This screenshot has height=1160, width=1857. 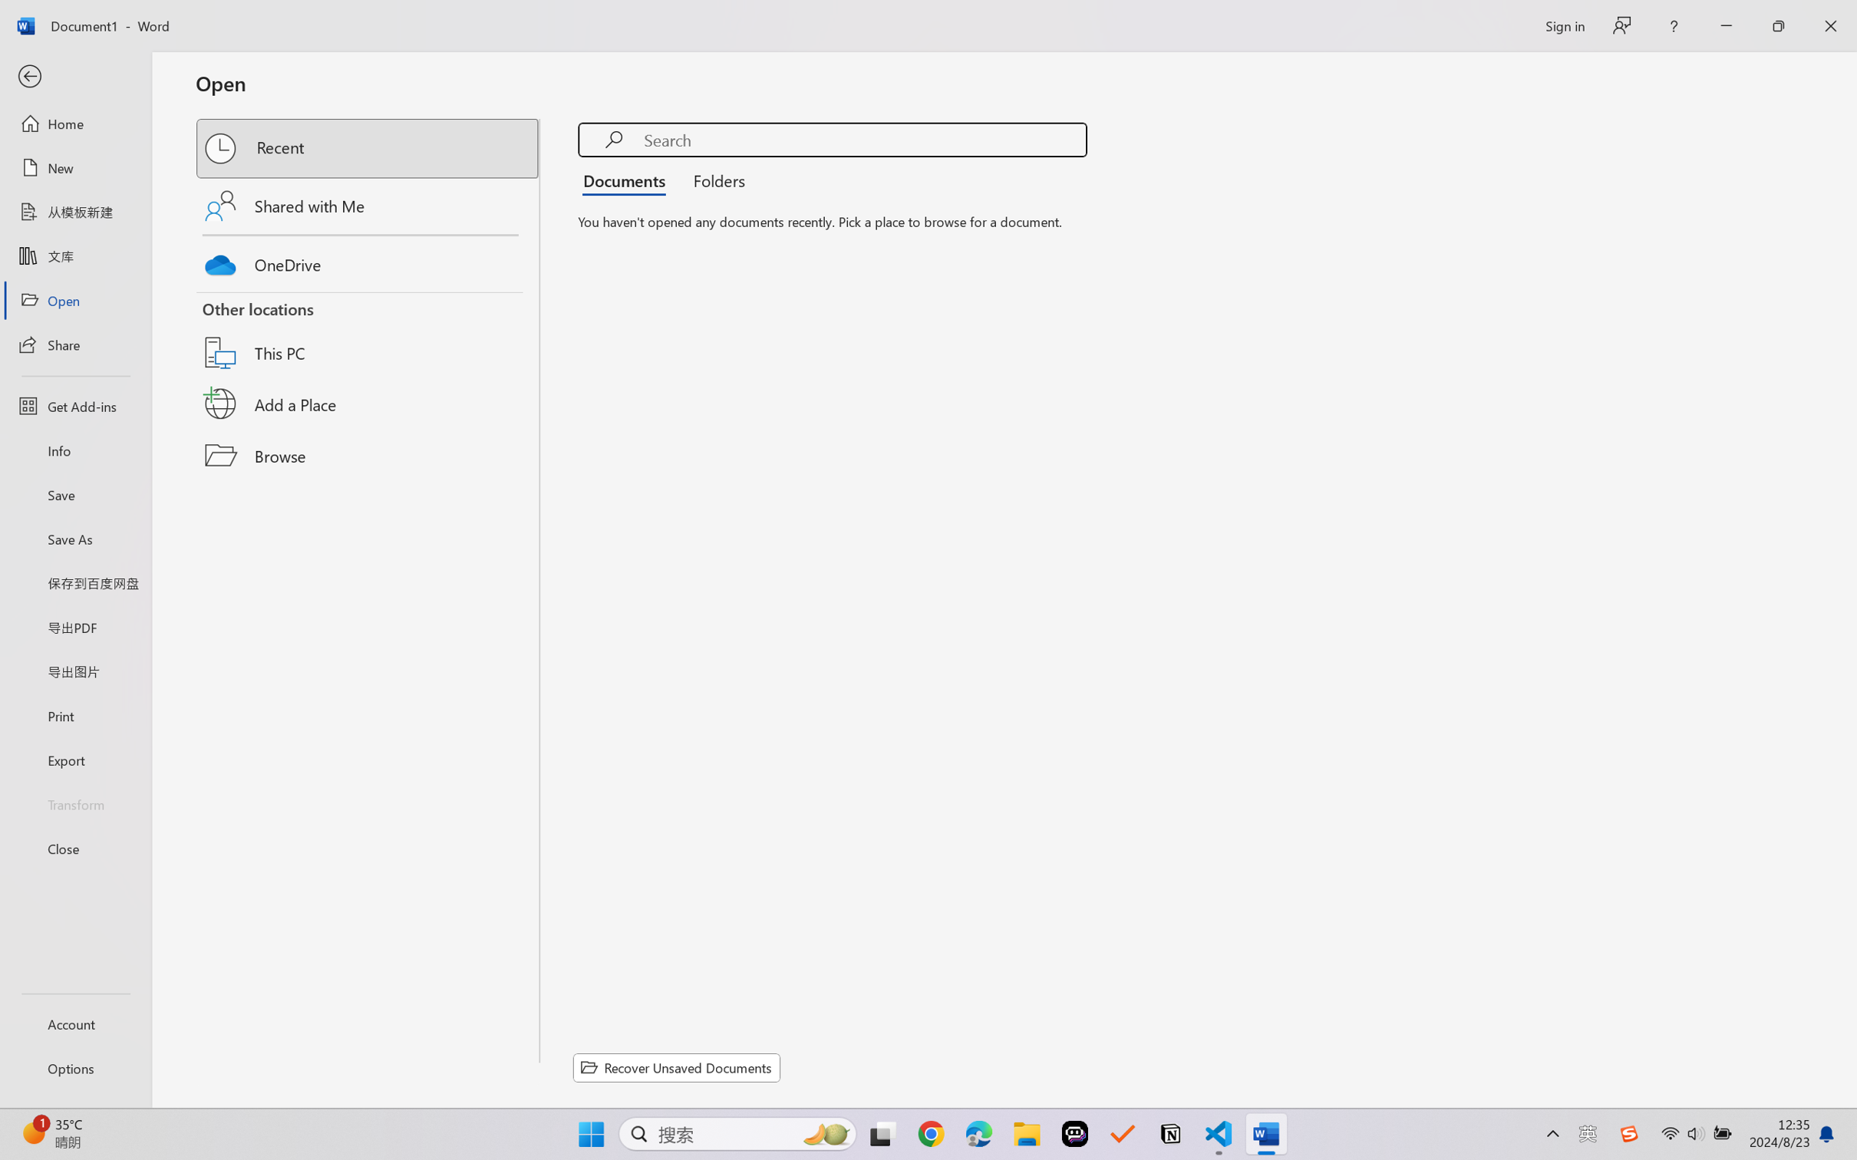 I want to click on 'Browse', so click(x=368, y=455).